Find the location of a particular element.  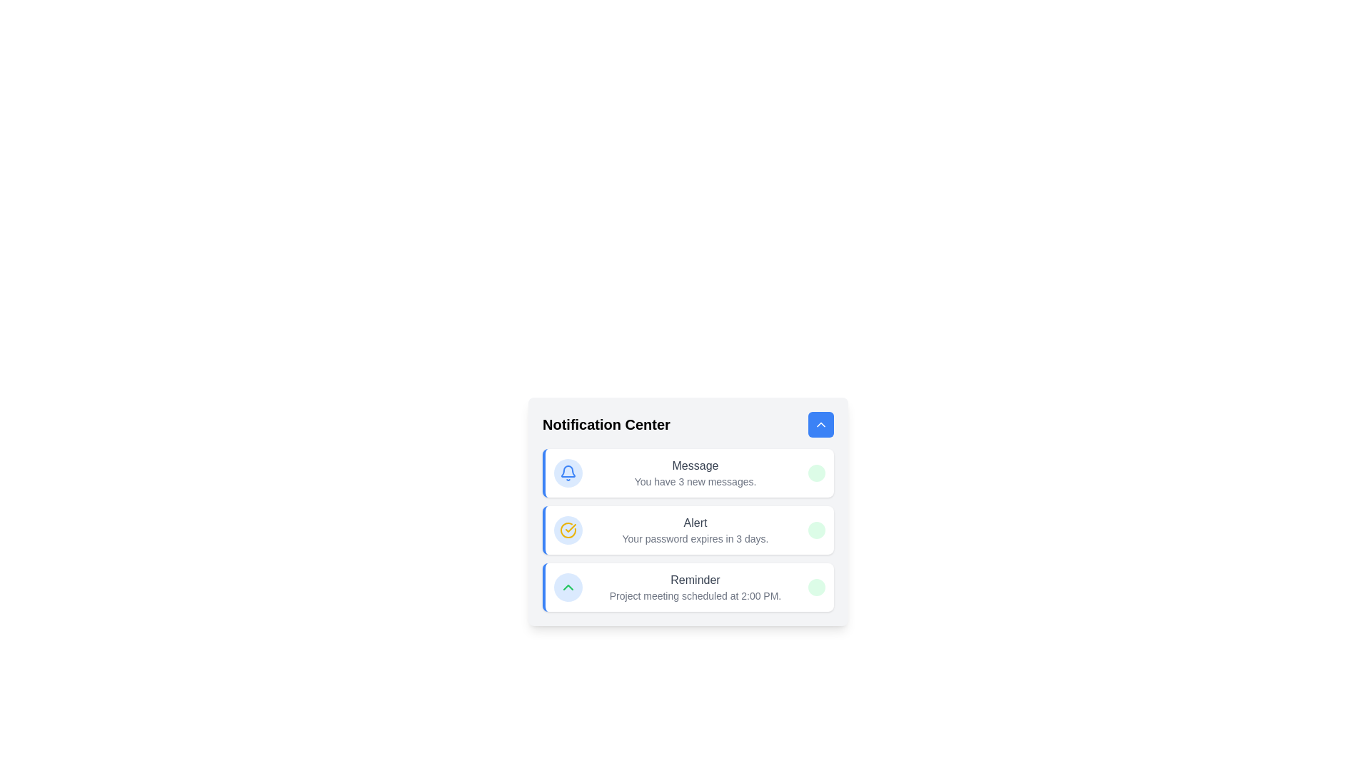

text content of the third text label in the Notification Center that reminds about an upcoming project meeting at 2:00 PM is located at coordinates (695, 587).